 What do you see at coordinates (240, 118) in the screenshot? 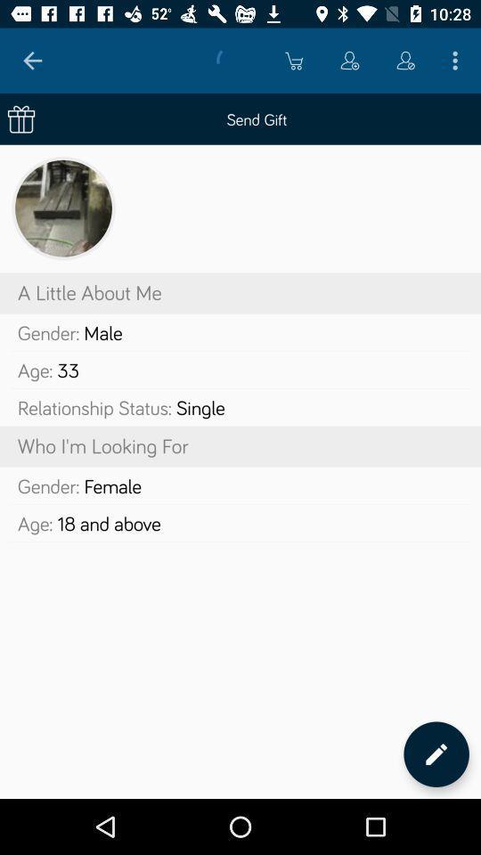
I see `send gift icon` at bounding box center [240, 118].